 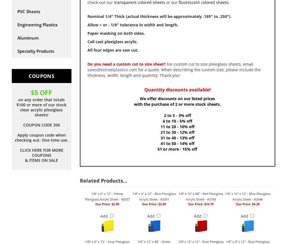 I want to click on '11 to 20 - 10% off', so click(x=177, y=126).